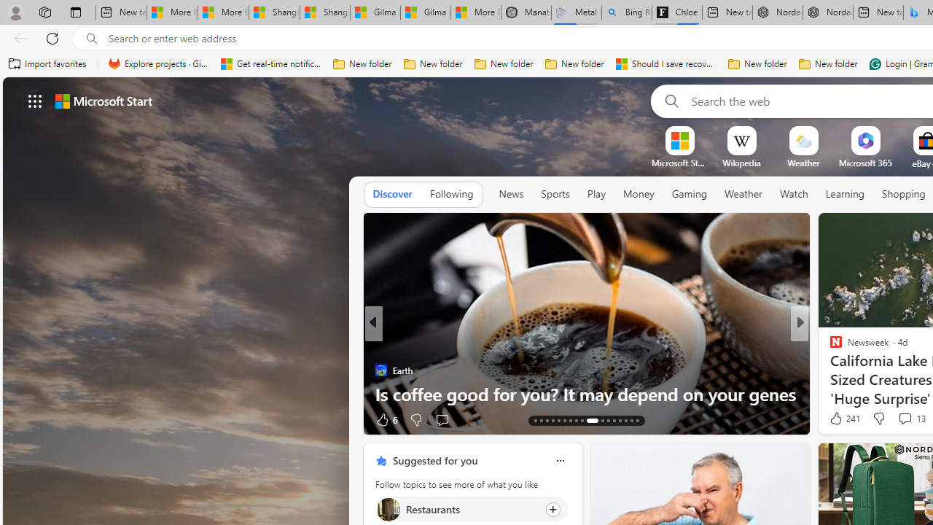  What do you see at coordinates (878, 419) in the screenshot?
I see `'Dislike'` at bounding box center [878, 419].